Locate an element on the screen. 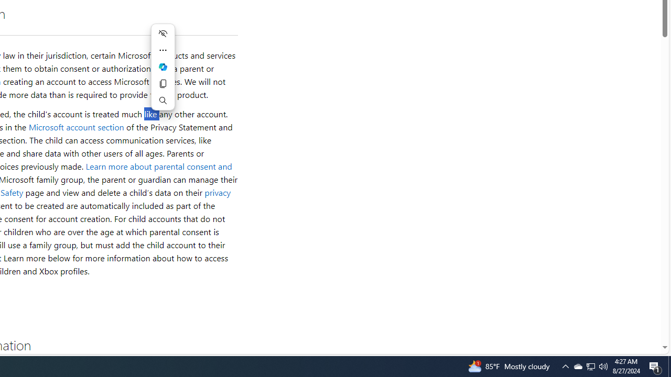  'Mini menu on text selection' is located at coordinates (163, 67).